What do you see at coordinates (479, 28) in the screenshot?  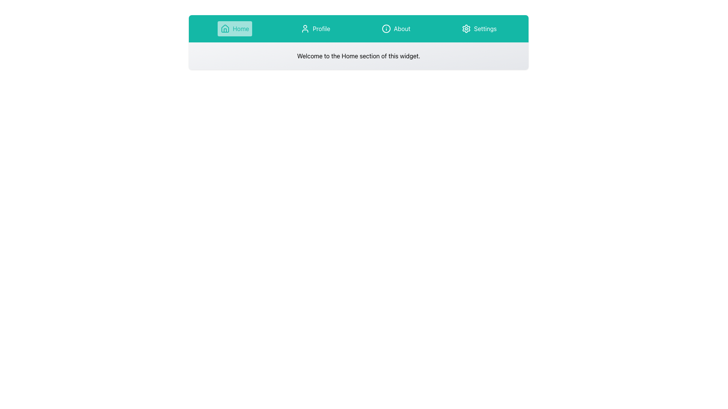 I see `the 'Settings' button, which is a teal rectangular button with white text and a gear icon, located at the far right of the top navigation bar` at bounding box center [479, 28].